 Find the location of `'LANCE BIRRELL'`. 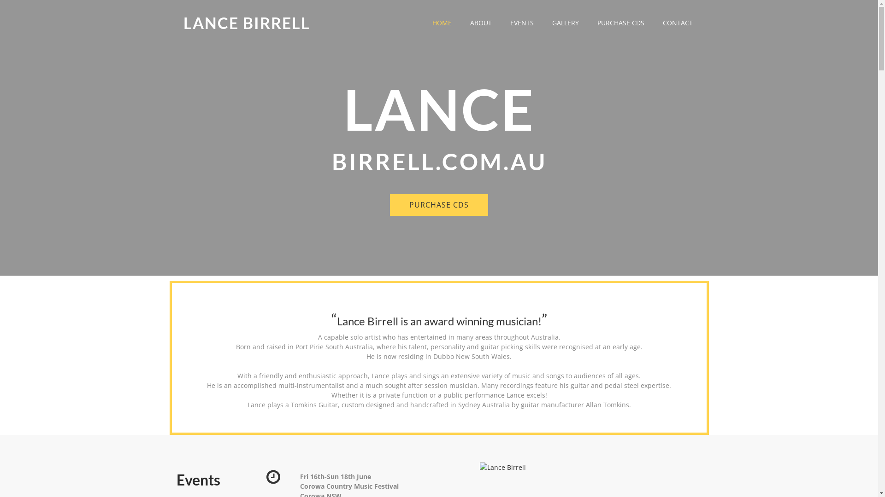

'LANCE BIRRELL' is located at coordinates (247, 23).